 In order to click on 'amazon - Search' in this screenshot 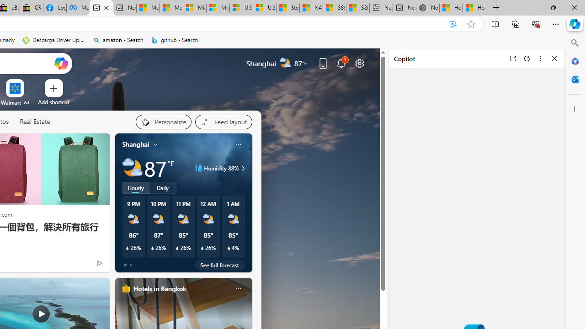, I will do `click(117, 40)`.